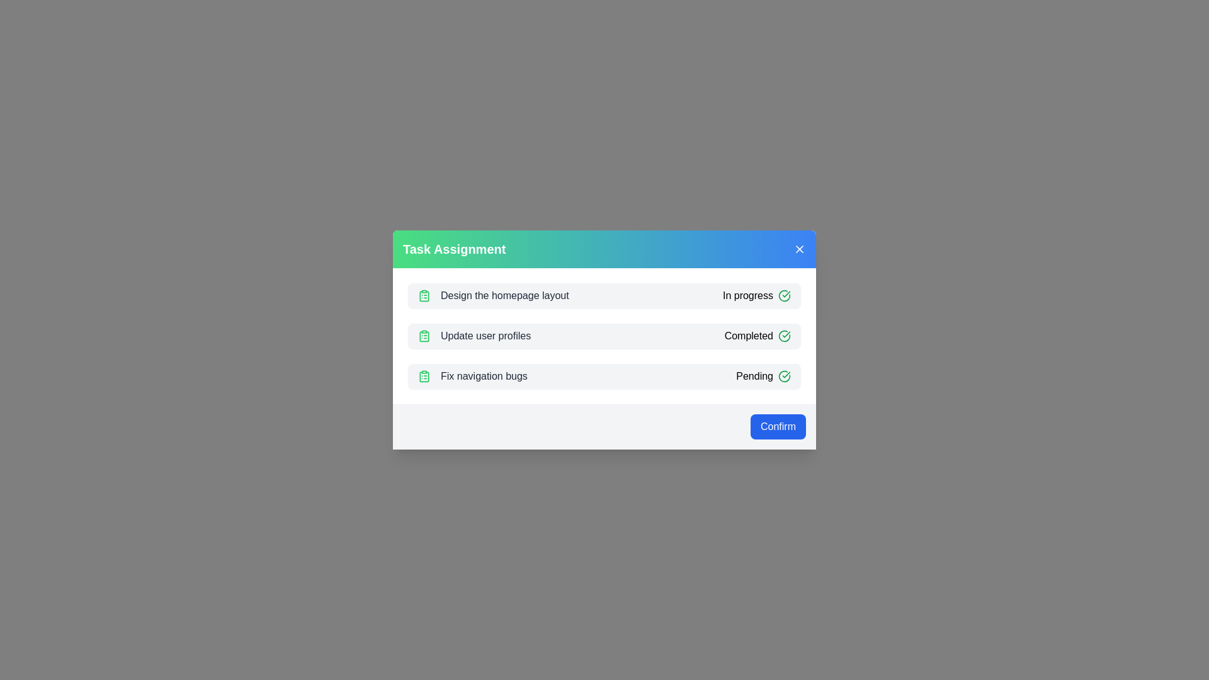  What do you see at coordinates (424, 335) in the screenshot?
I see `the green clipboard icon within the 'Task Assignment' modal, which is positioned near the 'Update user profiles' label` at bounding box center [424, 335].